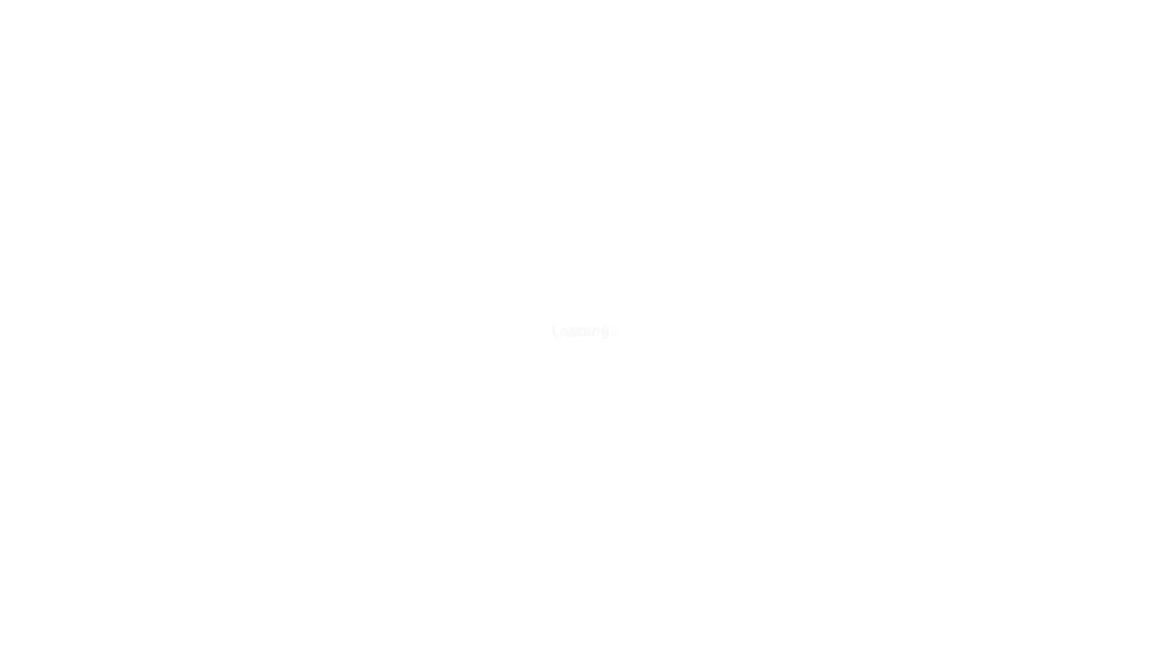  Describe the element at coordinates (518, 370) in the screenshot. I see `Join` at that location.